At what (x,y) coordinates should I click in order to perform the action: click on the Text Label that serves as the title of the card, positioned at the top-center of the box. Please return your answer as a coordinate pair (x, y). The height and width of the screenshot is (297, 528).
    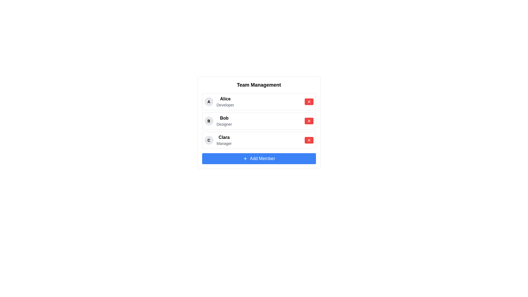
    Looking at the image, I should click on (258, 85).